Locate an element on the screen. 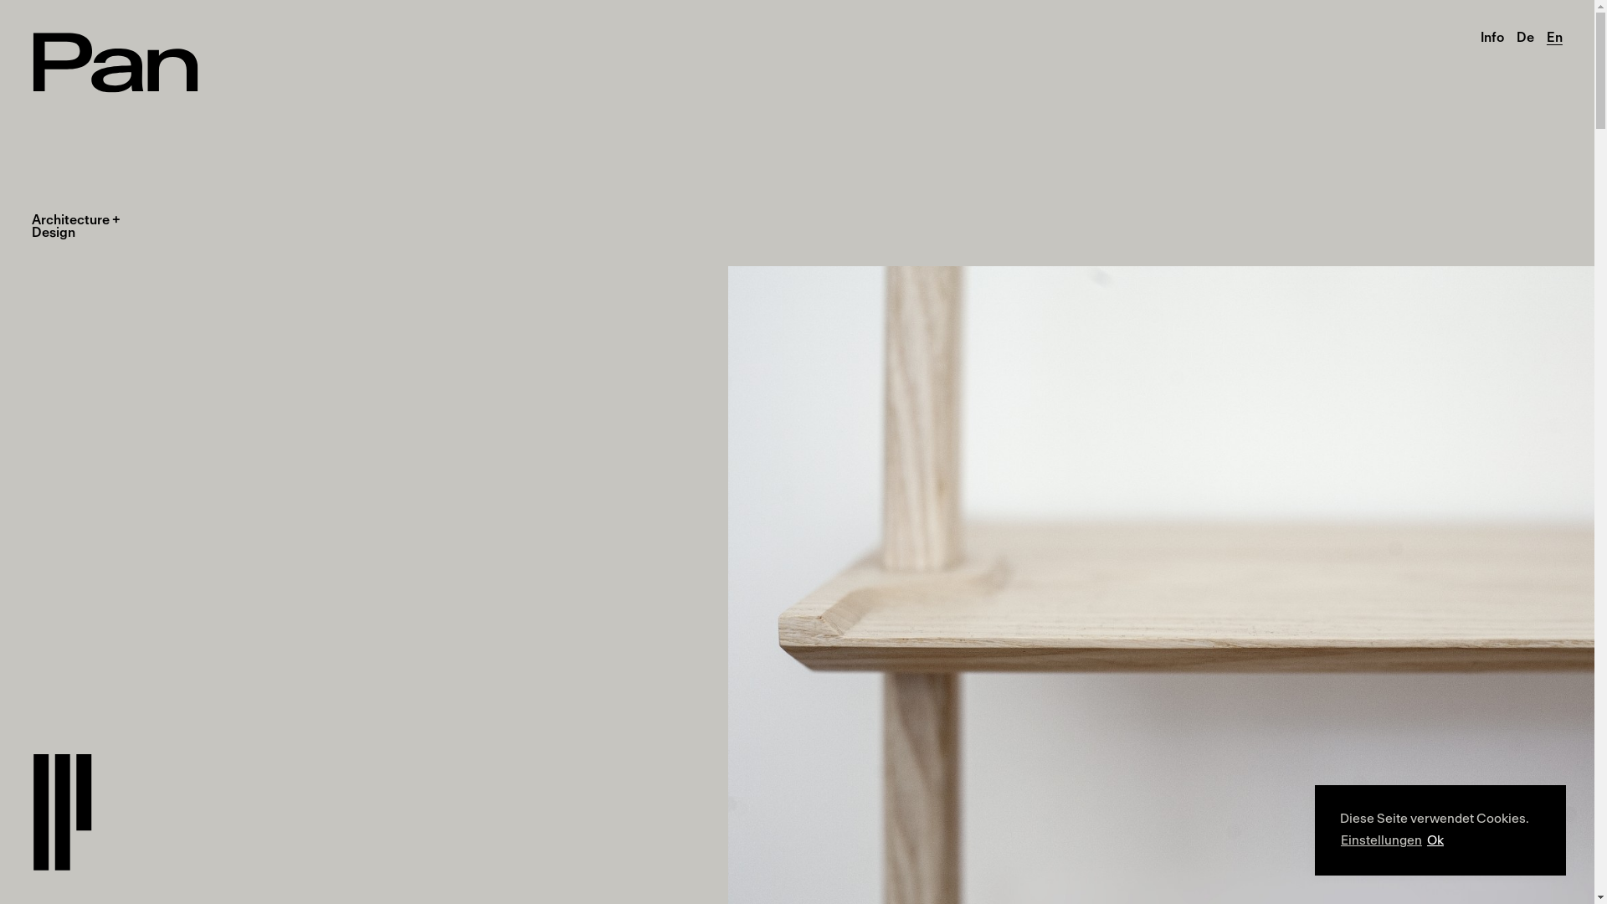 The height and width of the screenshot is (904, 1607). 'Ok' is located at coordinates (1434, 841).